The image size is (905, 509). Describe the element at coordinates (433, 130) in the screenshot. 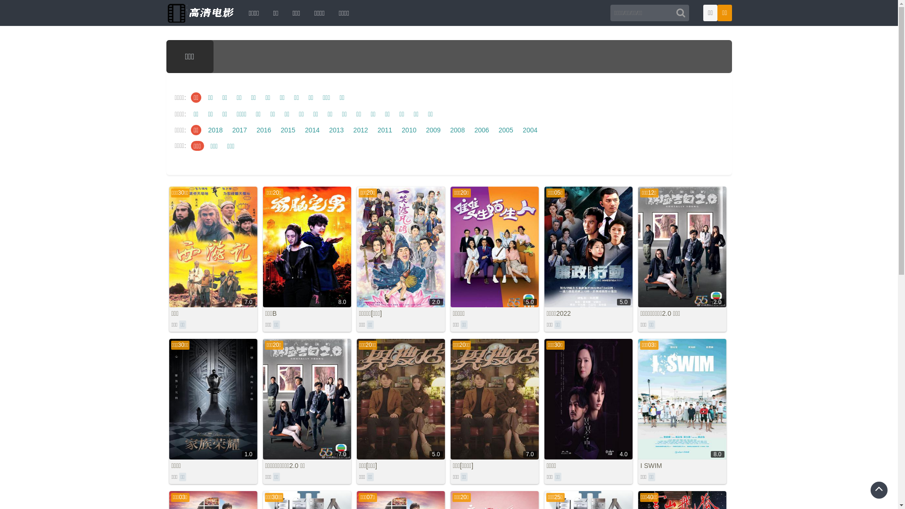

I see `'2009'` at that location.